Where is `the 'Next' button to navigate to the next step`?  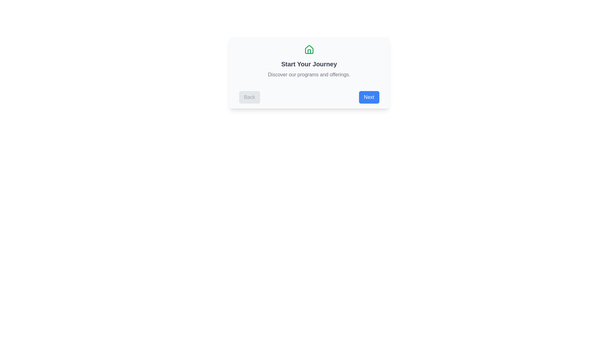 the 'Next' button to navigate to the next step is located at coordinates (369, 97).